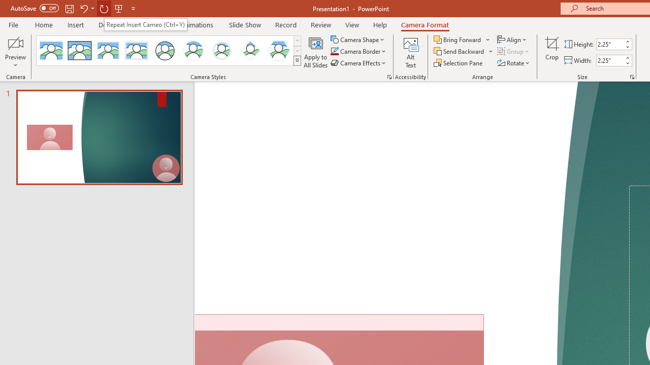  I want to click on 'Row Down', so click(297, 51).